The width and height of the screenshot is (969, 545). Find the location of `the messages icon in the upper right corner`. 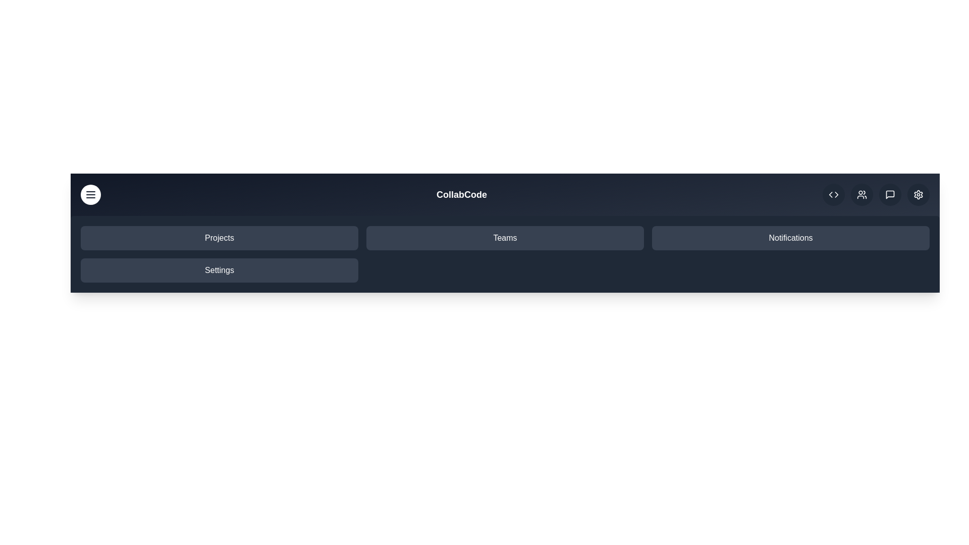

the messages icon in the upper right corner is located at coordinates (890, 194).